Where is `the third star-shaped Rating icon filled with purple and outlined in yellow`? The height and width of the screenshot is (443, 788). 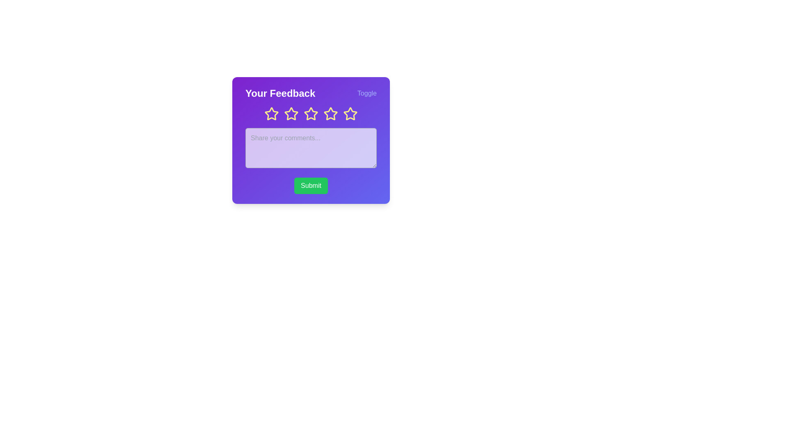
the third star-shaped Rating icon filled with purple and outlined in yellow is located at coordinates (291, 114).